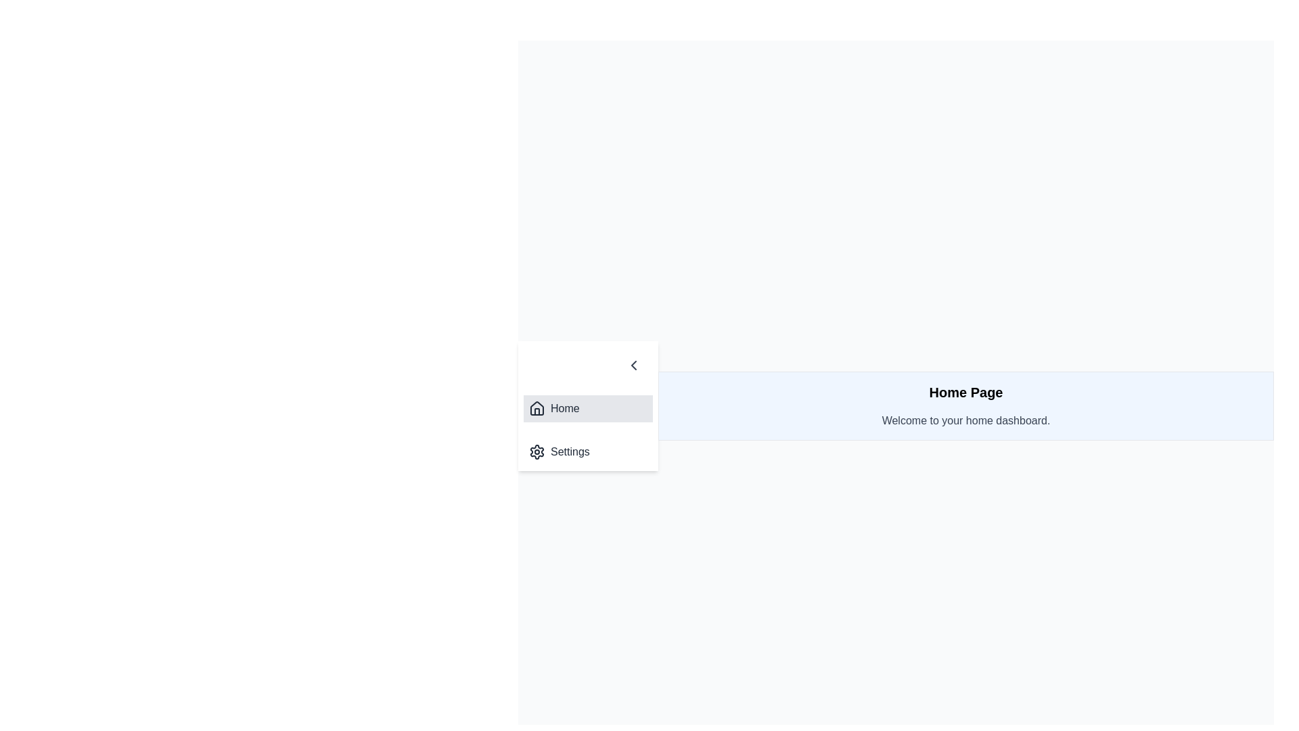  What do you see at coordinates (588, 408) in the screenshot?
I see `the 'Home' horizontal menu item in the vertical navigation list` at bounding box center [588, 408].